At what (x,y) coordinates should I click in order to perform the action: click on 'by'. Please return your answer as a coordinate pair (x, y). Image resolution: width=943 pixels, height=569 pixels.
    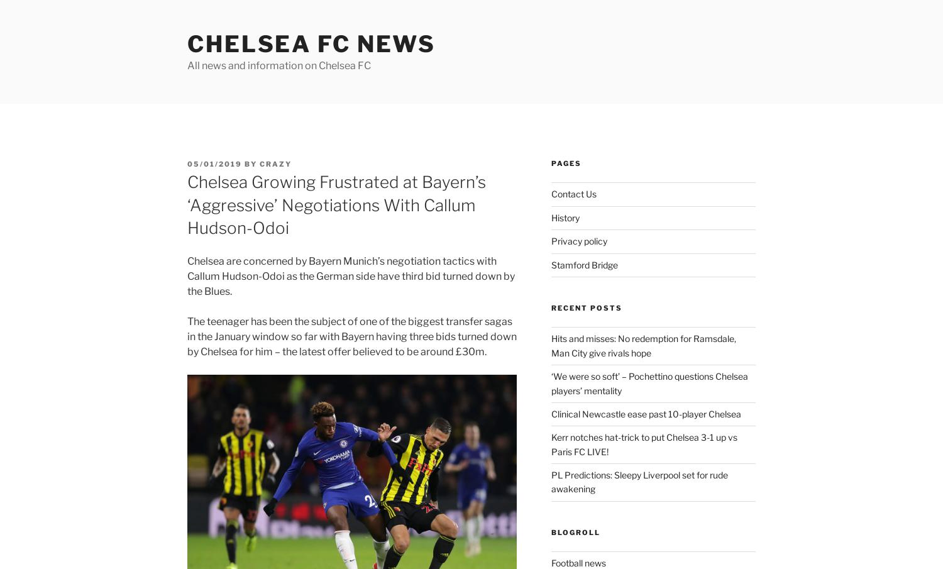
    Looking at the image, I should click on (251, 164).